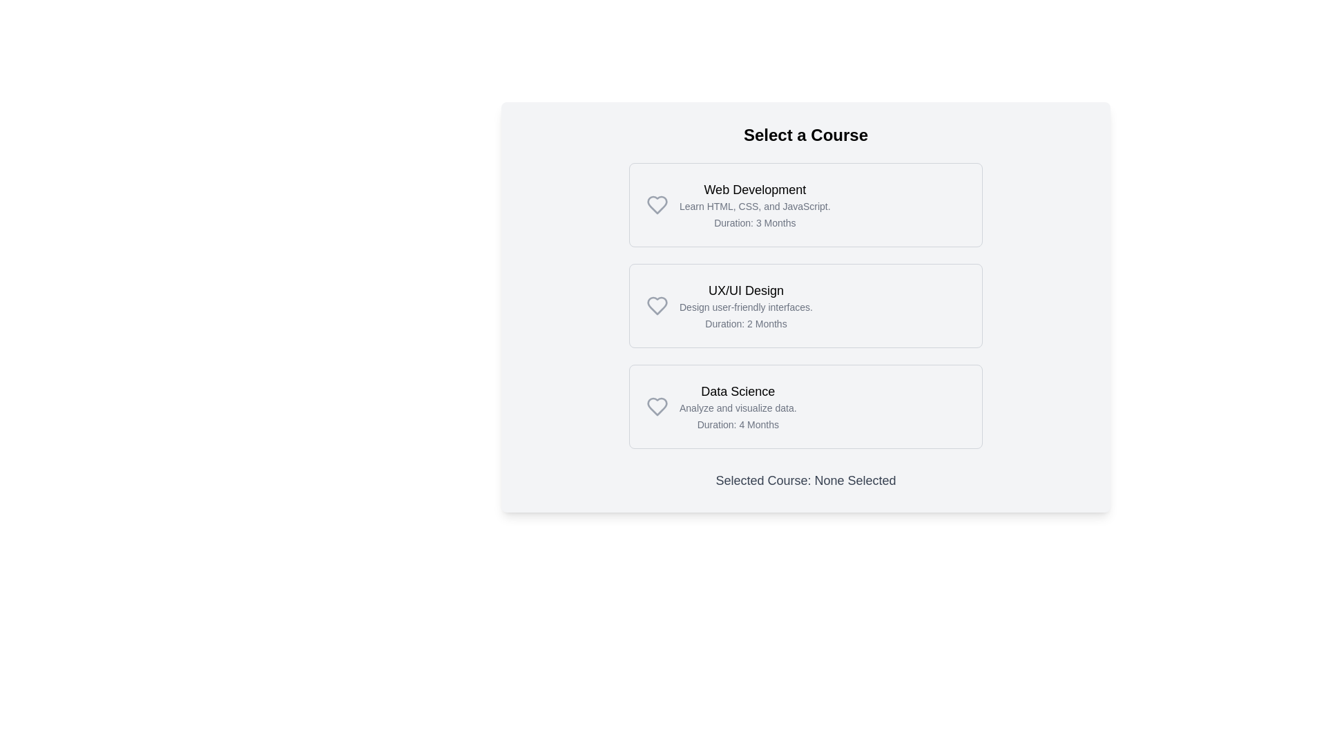  Describe the element at coordinates (754, 207) in the screenshot. I see `the subtitle text element that provides additional information about the 'Web Development' course, positioned below the title and above the duration line` at that location.